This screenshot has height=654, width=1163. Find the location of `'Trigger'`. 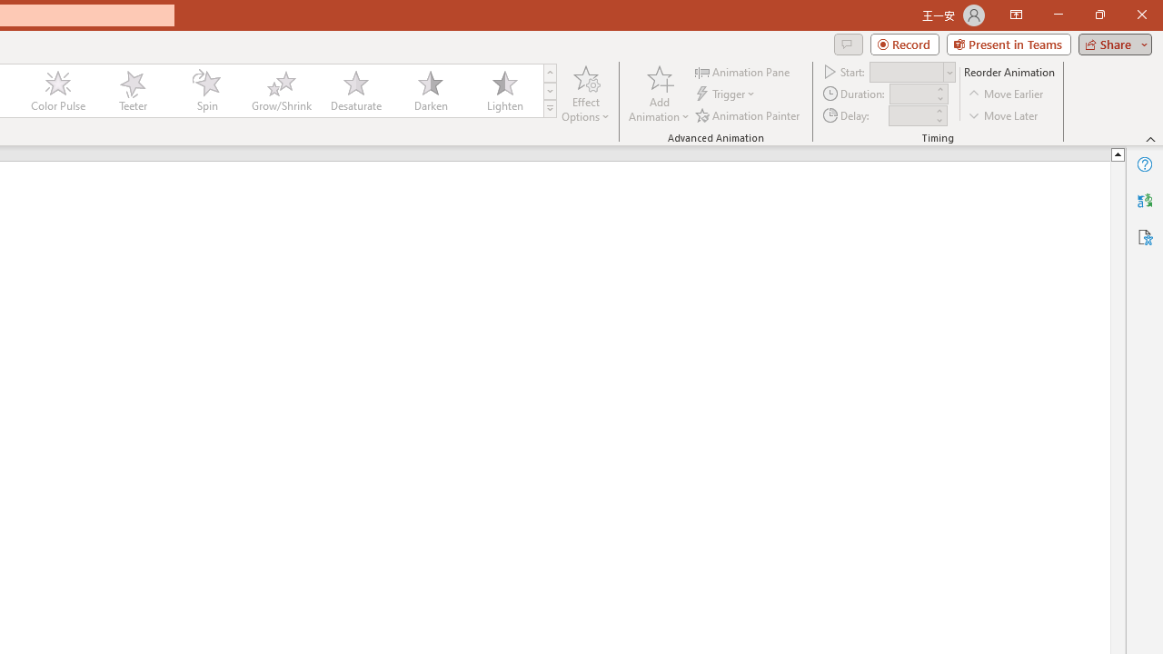

'Trigger' is located at coordinates (727, 94).